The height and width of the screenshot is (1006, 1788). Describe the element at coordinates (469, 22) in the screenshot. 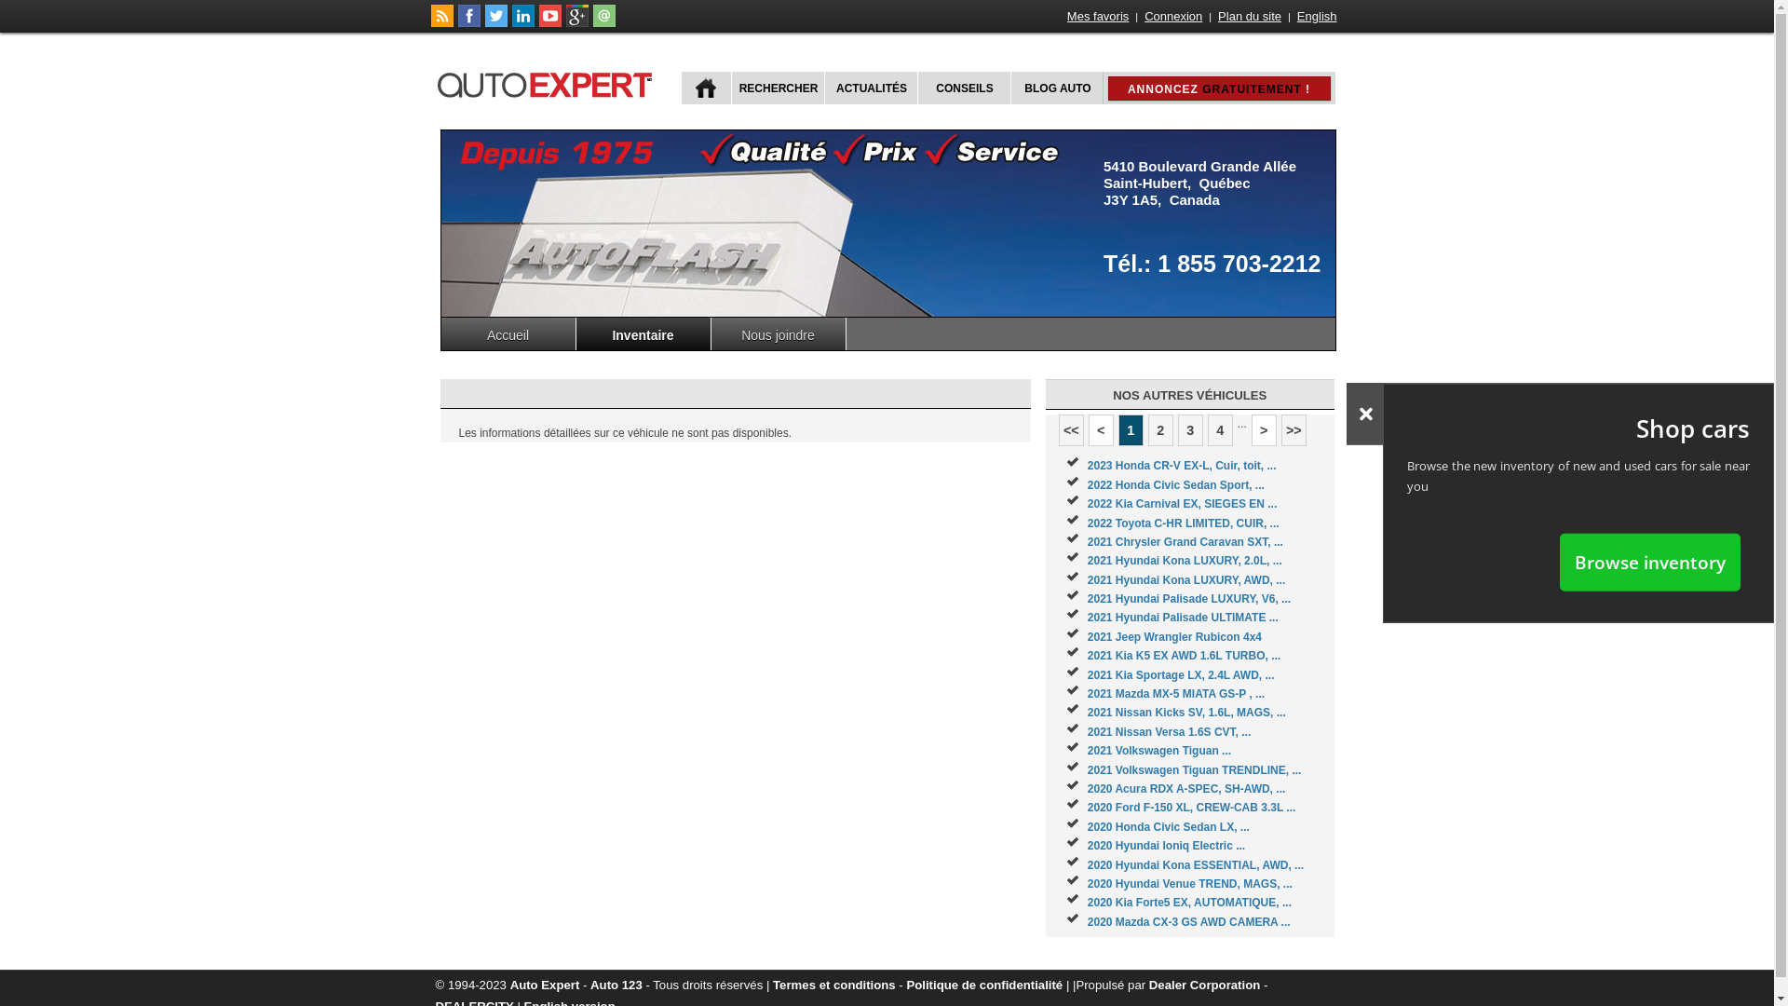

I see `'Suivez autoExpert.ca sur Facebook'` at that location.